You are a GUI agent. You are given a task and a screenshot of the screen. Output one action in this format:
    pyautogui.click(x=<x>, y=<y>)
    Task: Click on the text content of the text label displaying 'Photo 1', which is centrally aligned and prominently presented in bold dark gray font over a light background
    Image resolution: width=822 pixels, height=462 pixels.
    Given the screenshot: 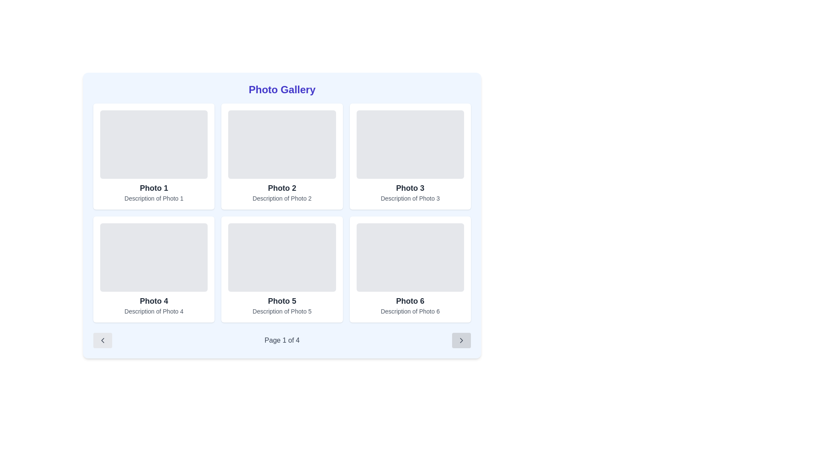 What is the action you would take?
    pyautogui.click(x=154, y=187)
    